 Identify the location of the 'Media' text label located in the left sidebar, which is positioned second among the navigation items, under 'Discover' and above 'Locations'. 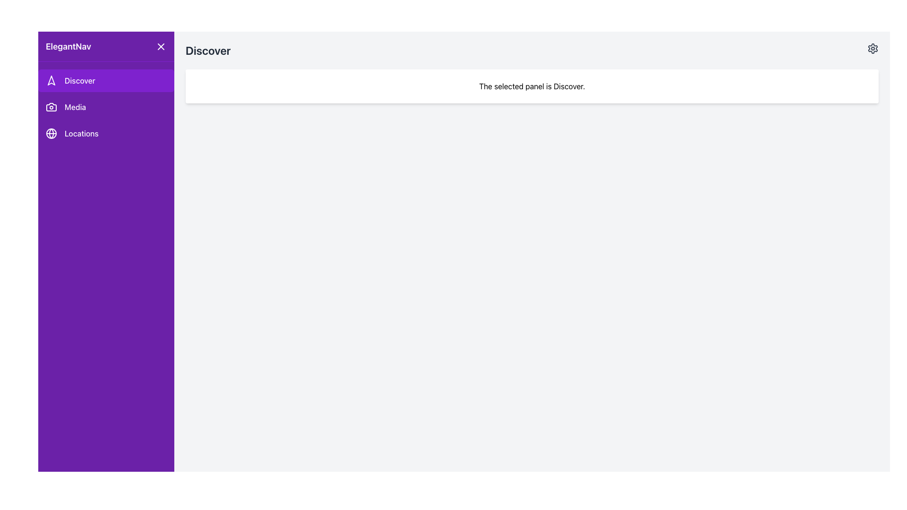
(75, 107).